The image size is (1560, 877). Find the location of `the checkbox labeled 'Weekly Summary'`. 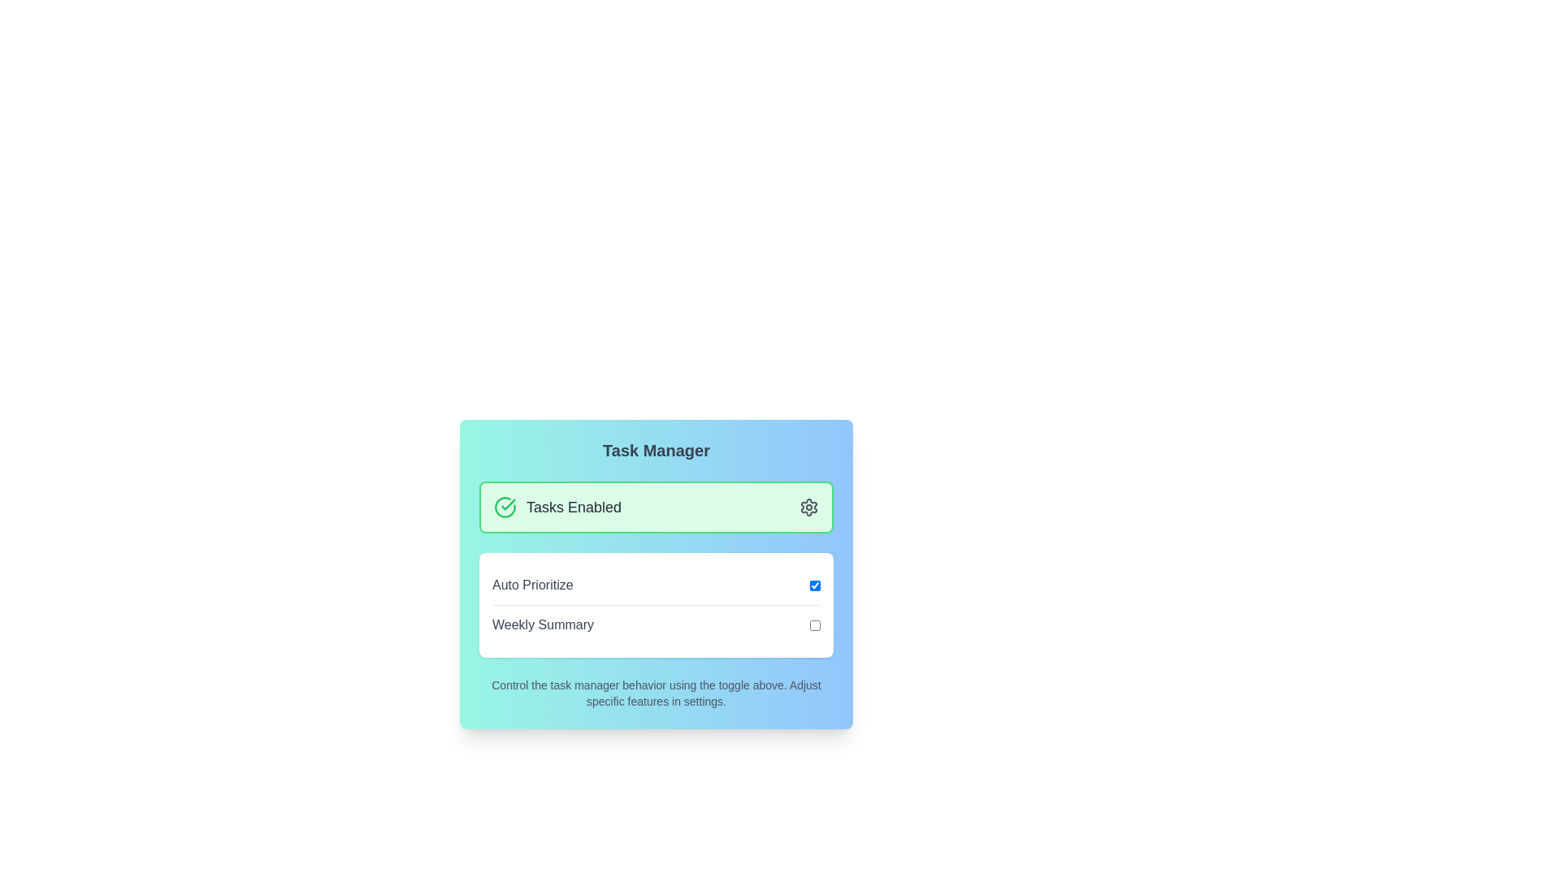

the checkbox labeled 'Weekly Summary' is located at coordinates (656, 623).